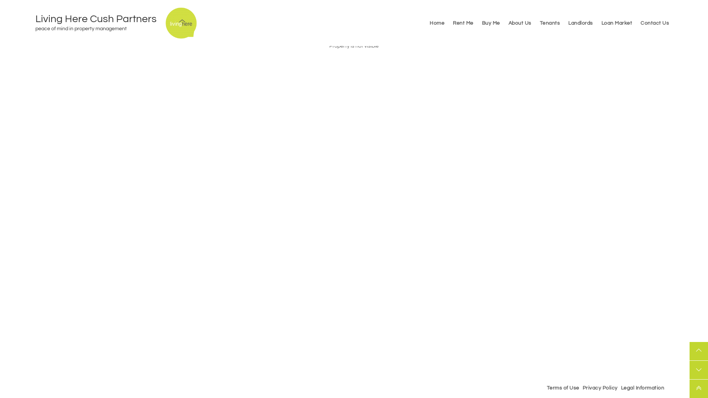  What do you see at coordinates (580, 22) in the screenshot?
I see `'Landlords'` at bounding box center [580, 22].